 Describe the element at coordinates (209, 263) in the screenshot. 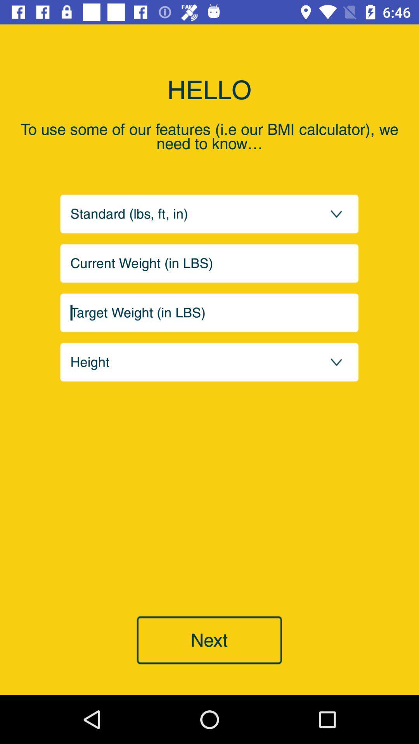

I see `current weight` at that location.